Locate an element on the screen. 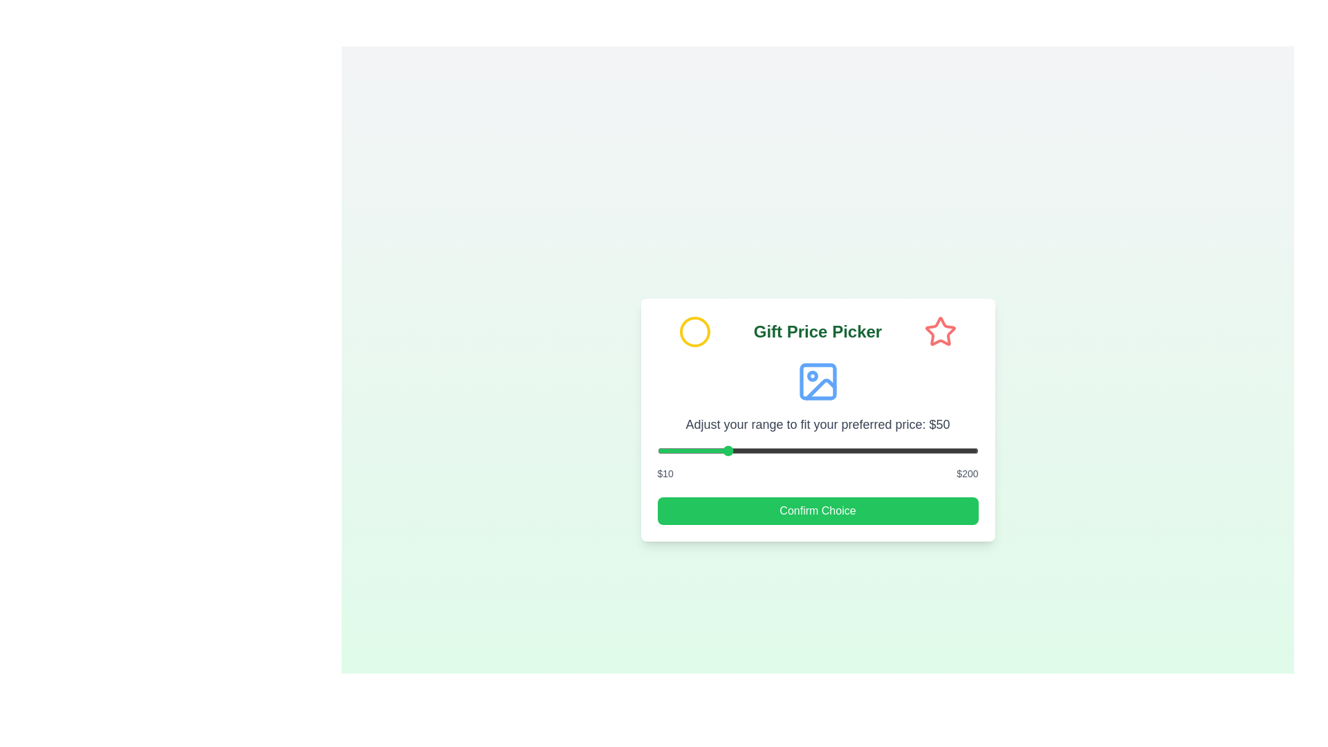 The image size is (1328, 747). the price range slider to 76 dollars is located at coordinates (768, 450).